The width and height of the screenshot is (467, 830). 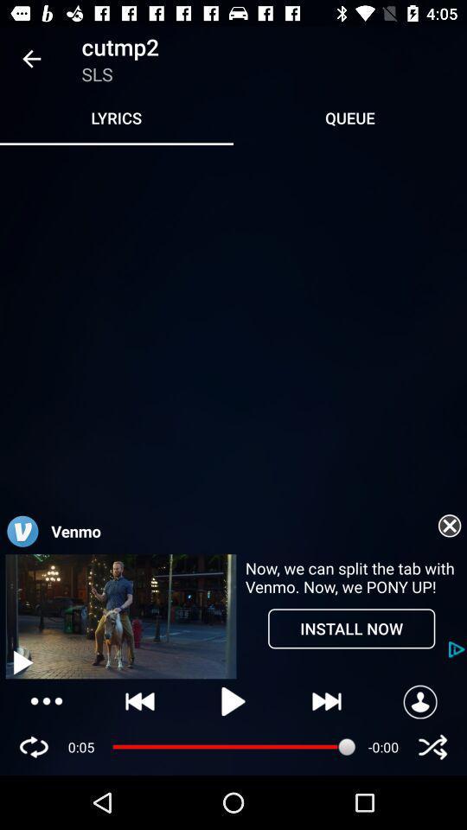 I want to click on the avatar icon, so click(x=419, y=701).